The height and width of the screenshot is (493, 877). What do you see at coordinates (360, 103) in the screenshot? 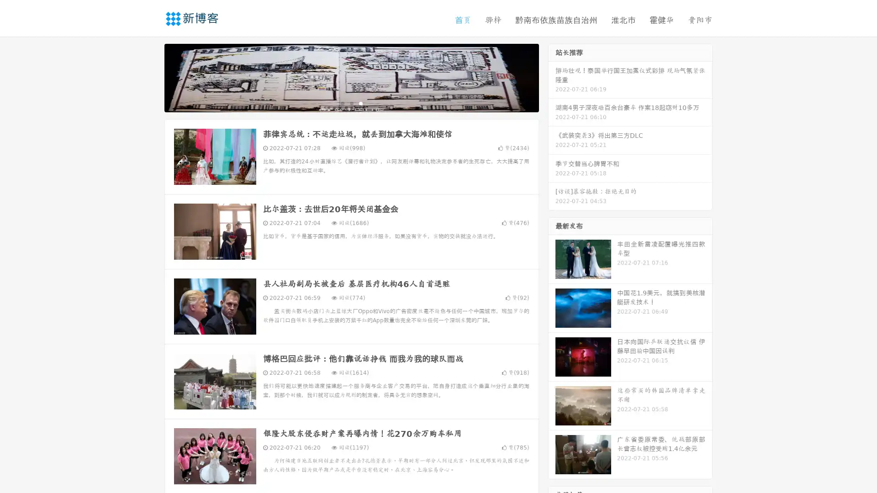
I see `Go to slide 3` at bounding box center [360, 103].